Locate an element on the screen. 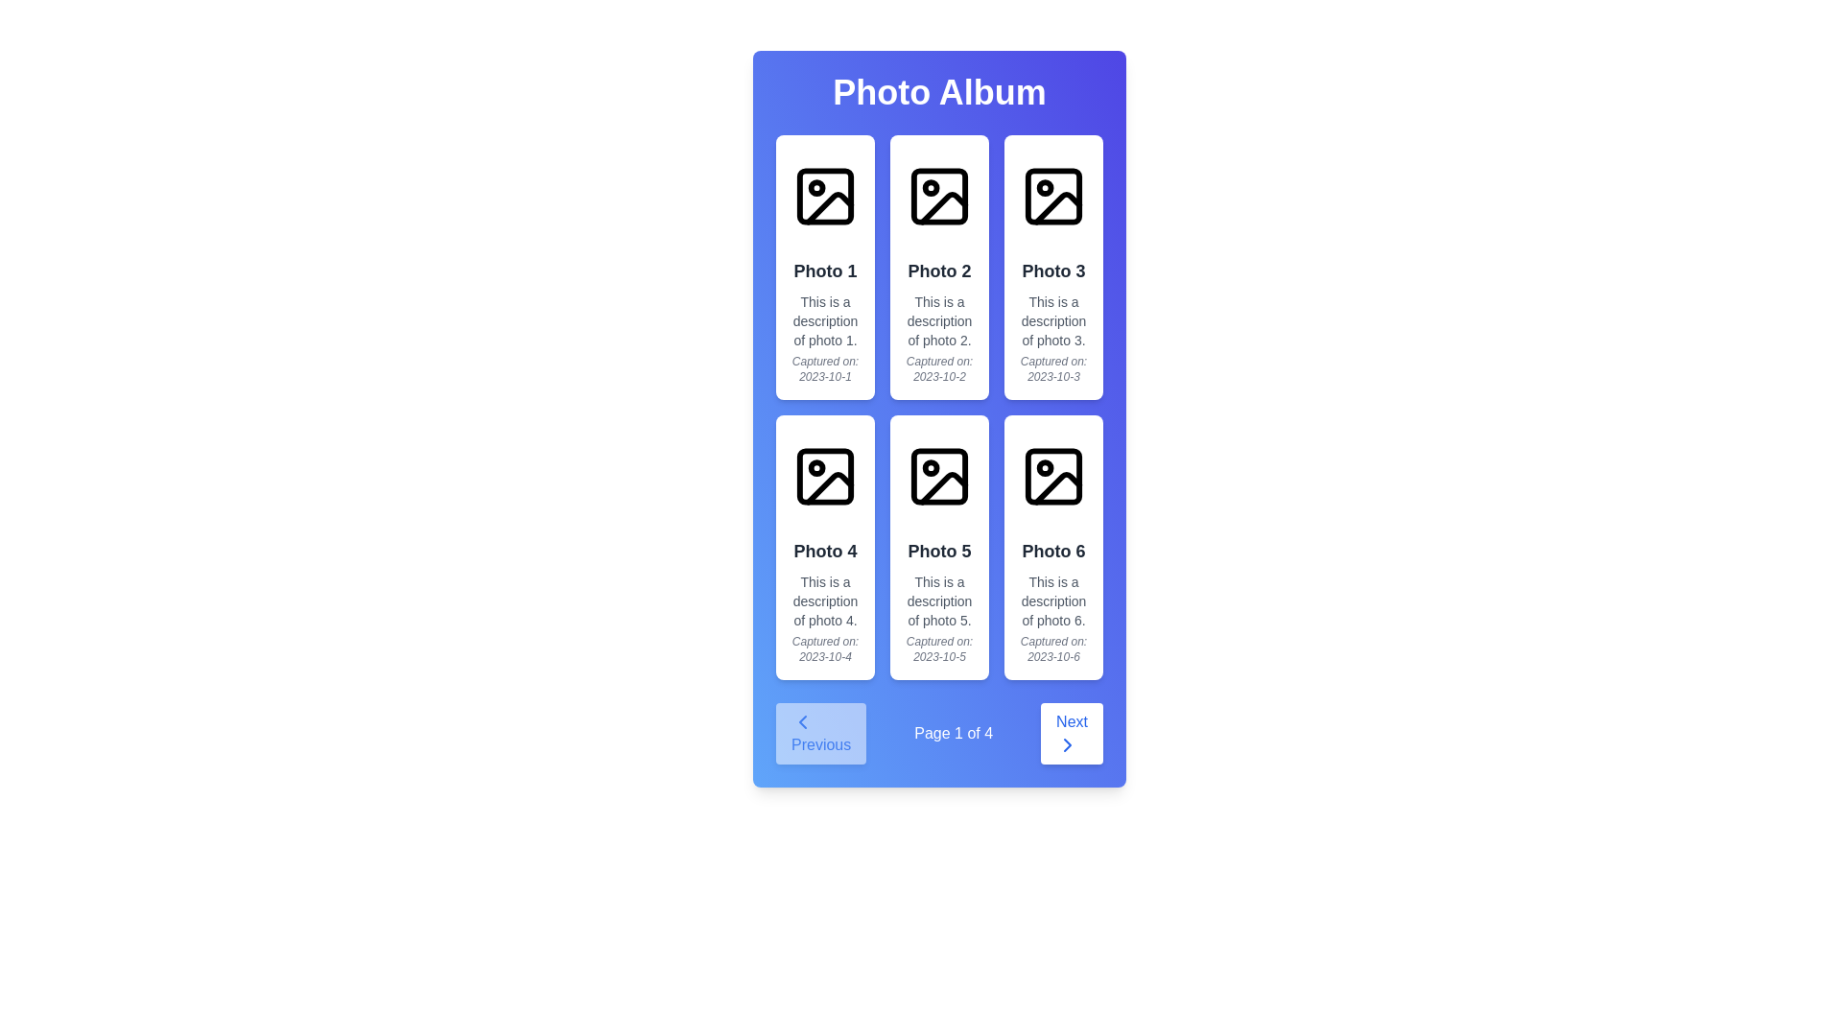  the 'Next' button is located at coordinates (1067, 743).